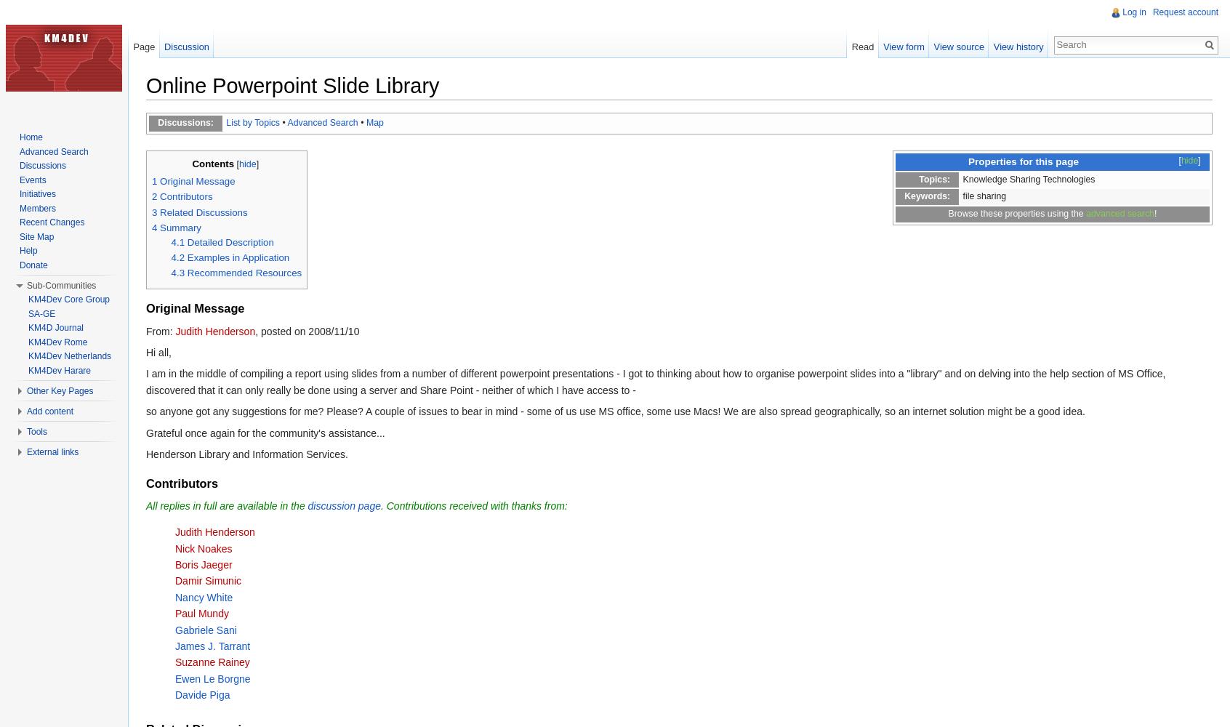 The height and width of the screenshot is (727, 1230). Describe the element at coordinates (292, 85) in the screenshot. I see `'Online Powerpoint Slide Library'` at that location.